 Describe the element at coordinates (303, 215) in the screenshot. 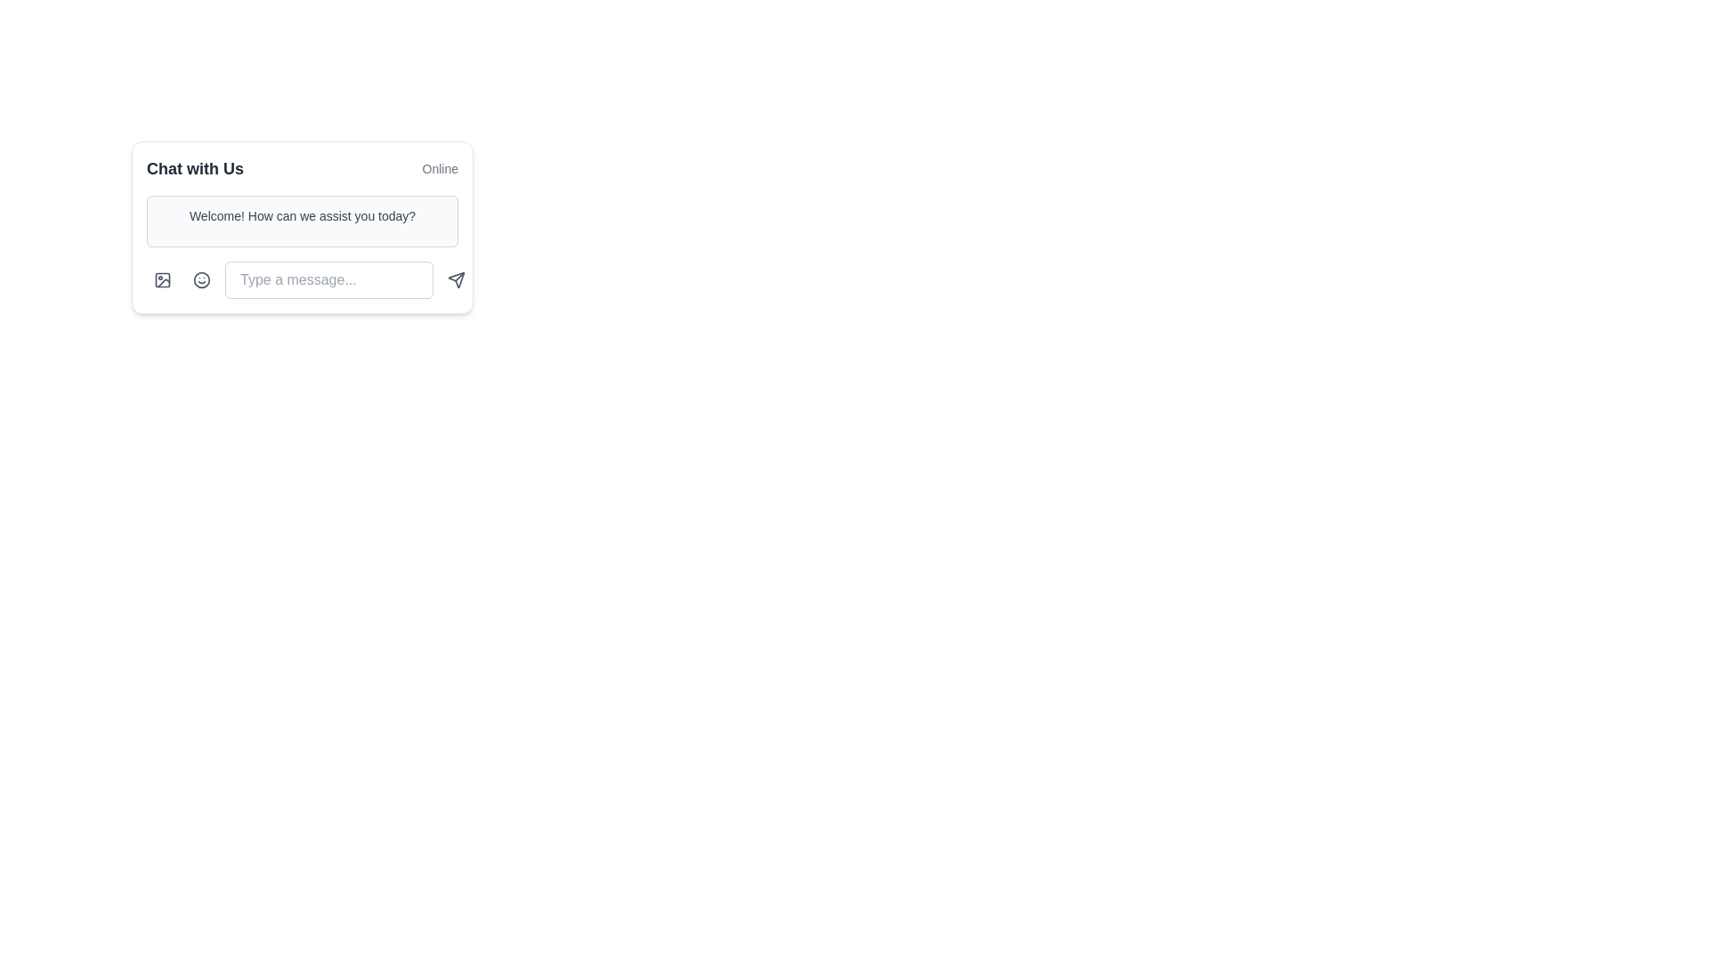

I see `the static text message that serves as a welcoming prompt in the upper-middle section of the chat interface, positioned below the 'Chat with Us' header and above the interactive message input` at that location.